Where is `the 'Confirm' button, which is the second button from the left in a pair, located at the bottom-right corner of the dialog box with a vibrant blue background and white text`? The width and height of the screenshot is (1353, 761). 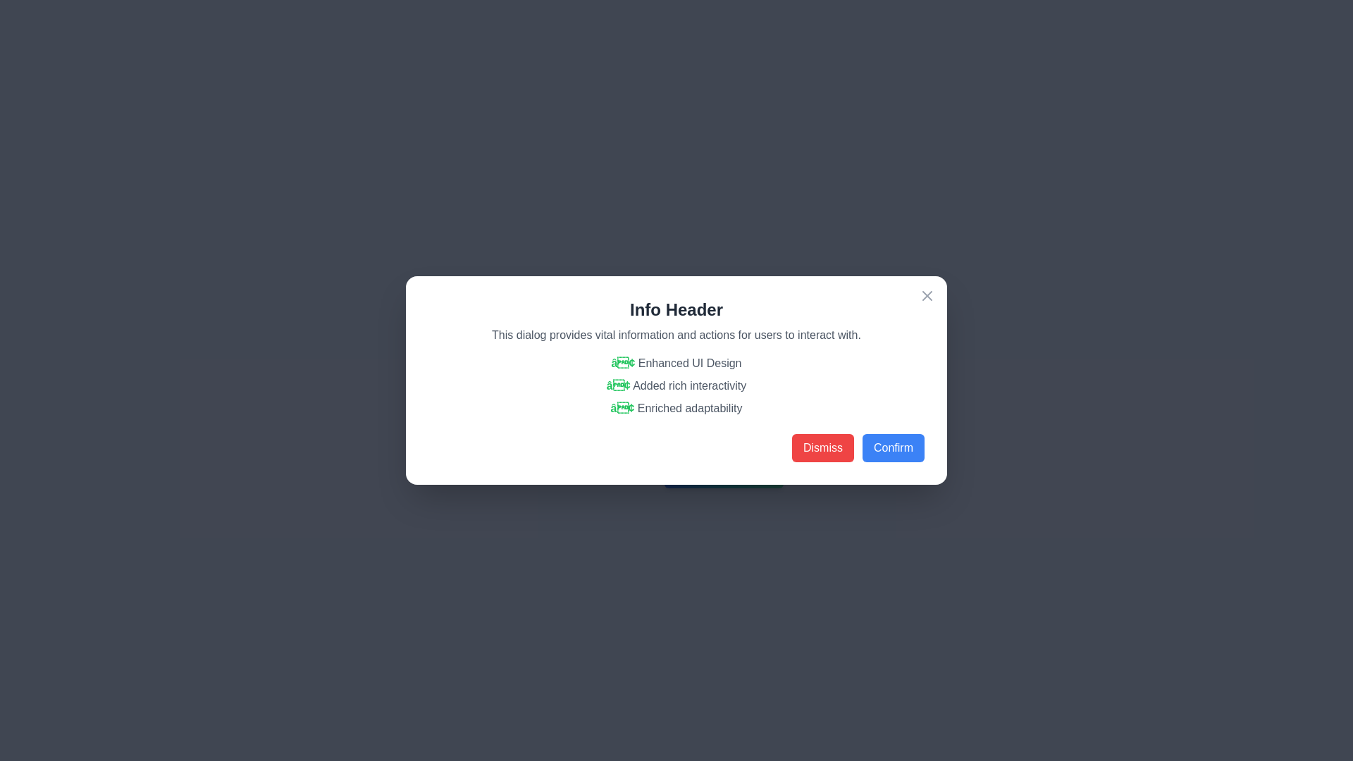
the 'Confirm' button, which is the second button from the left in a pair, located at the bottom-right corner of the dialog box with a vibrant blue background and white text is located at coordinates (892, 448).